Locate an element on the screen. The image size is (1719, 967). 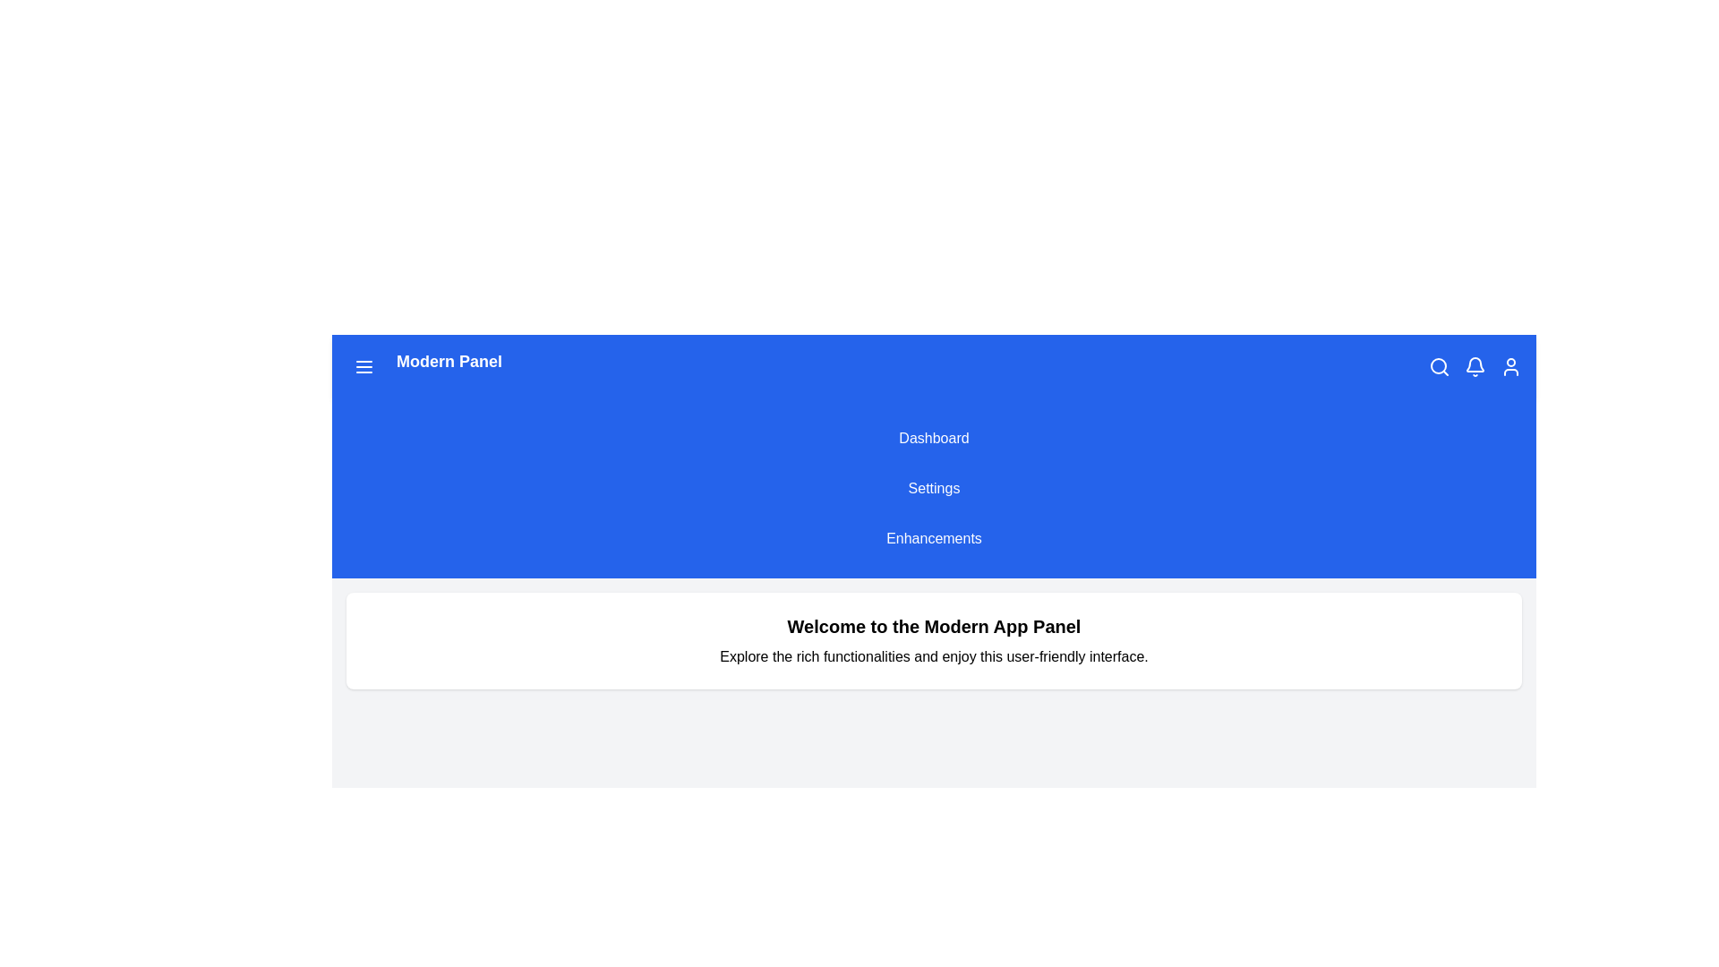
the 'Dashboard' menu item to navigate to the Dashboard section is located at coordinates (932, 438).